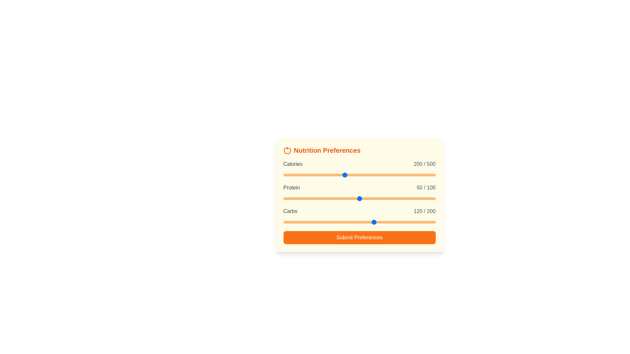 The height and width of the screenshot is (354, 630). Describe the element at coordinates (406, 222) in the screenshot. I see `the carbohydrate intake value` at that location.